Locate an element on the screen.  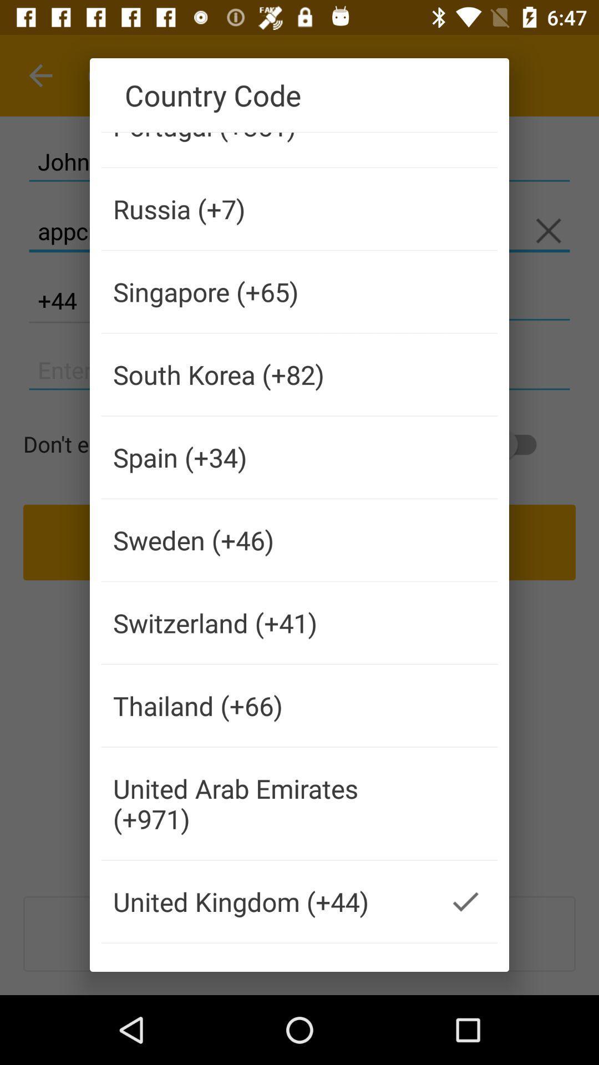
icon above thailand (+66) item is located at coordinates (267, 623).